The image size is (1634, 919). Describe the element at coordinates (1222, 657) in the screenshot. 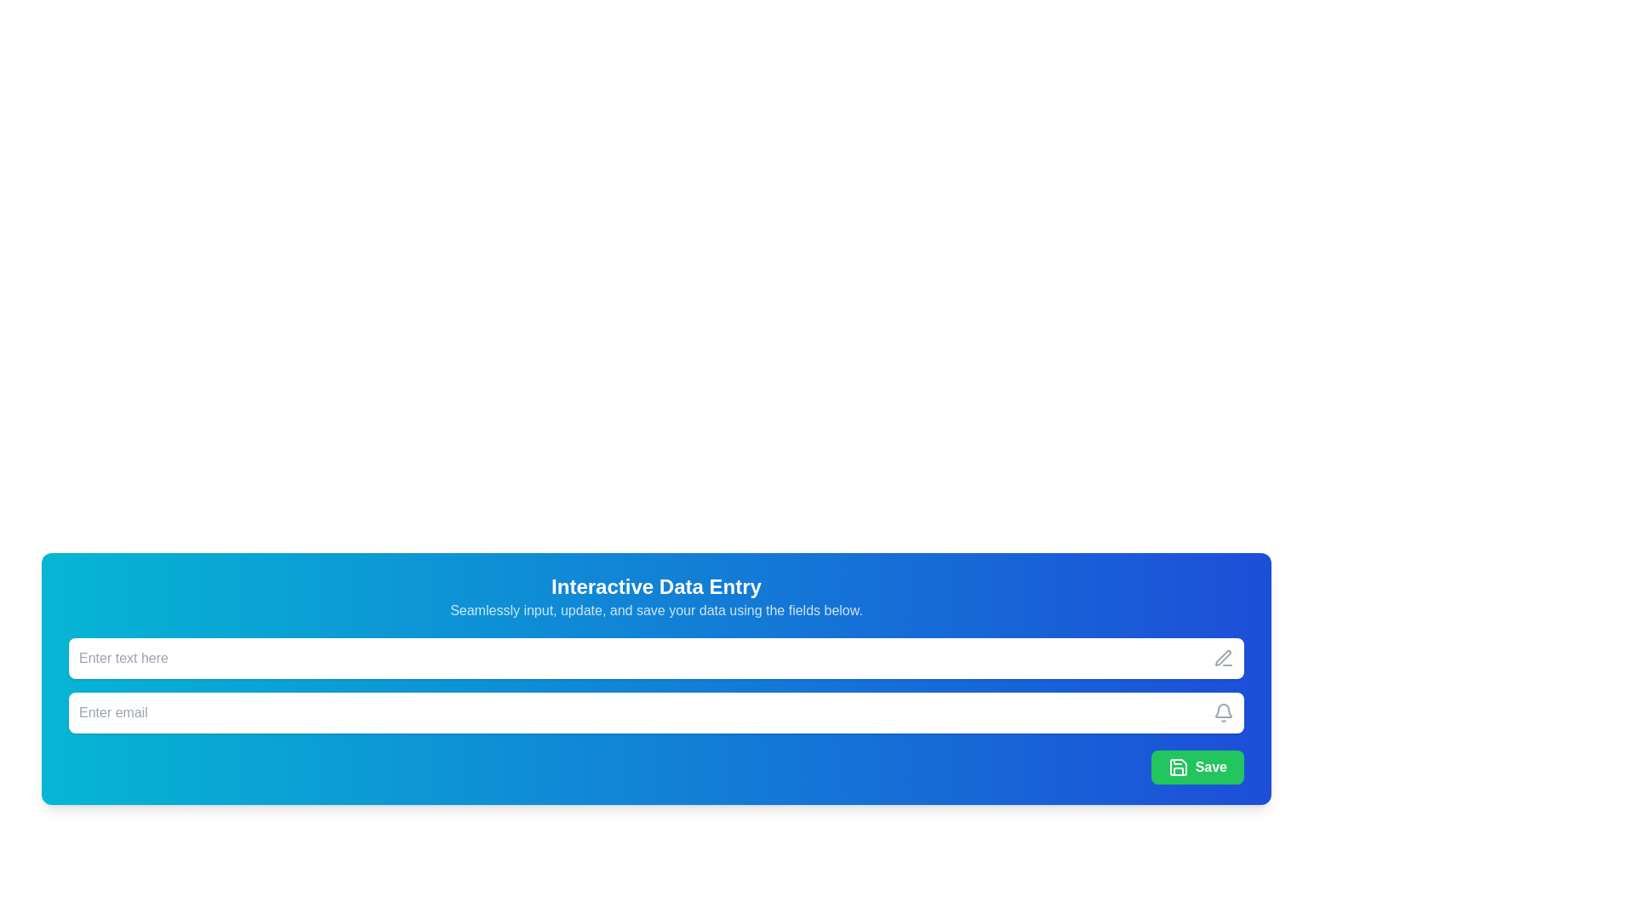

I see `the small gray pen icon located at the right end of the top input field inside the blue background area` at that location.